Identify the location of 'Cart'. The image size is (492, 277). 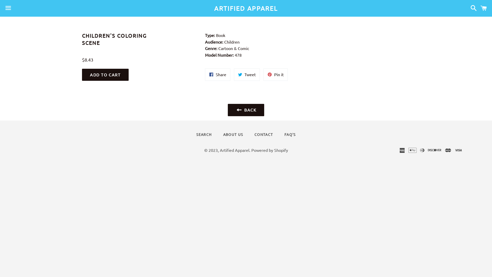
(483, 8).